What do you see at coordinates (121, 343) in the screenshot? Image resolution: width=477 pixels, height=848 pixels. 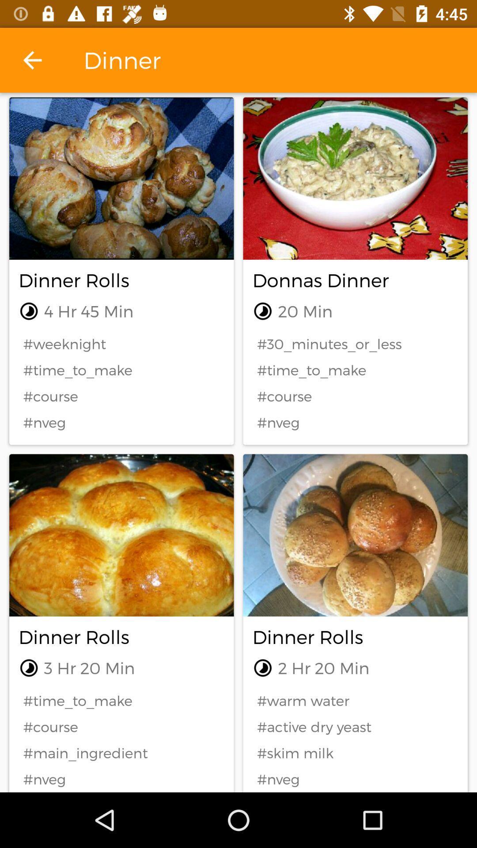 I see `item above #time_to_make item` at bounding box center [121, 343].